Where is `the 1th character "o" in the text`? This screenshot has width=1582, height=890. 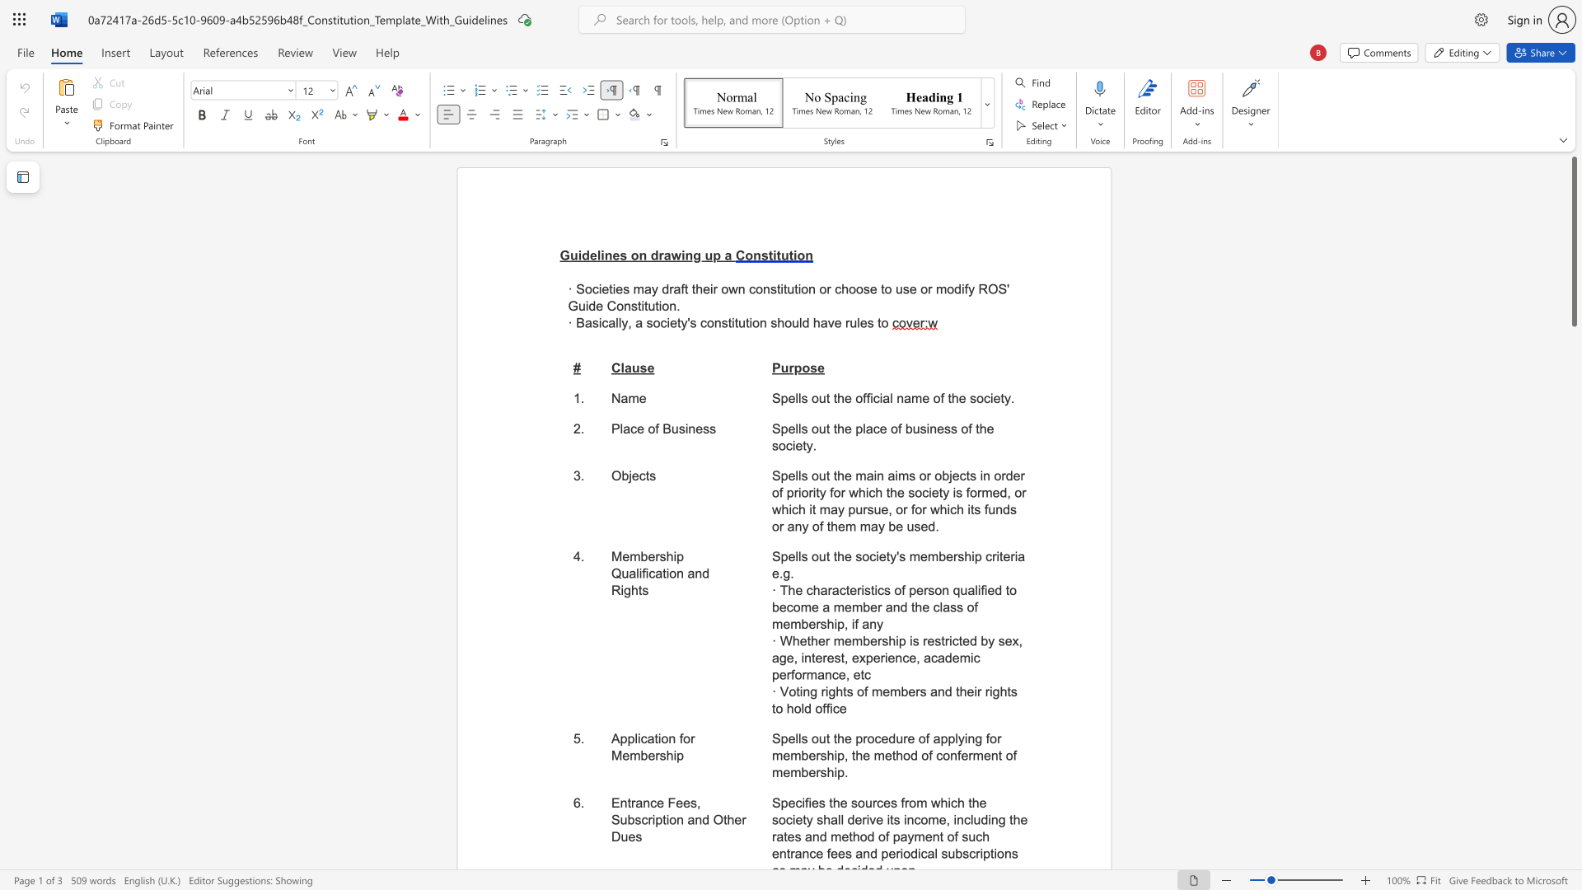 the 1th character "o" in the text is located at coordinates (634, 255).